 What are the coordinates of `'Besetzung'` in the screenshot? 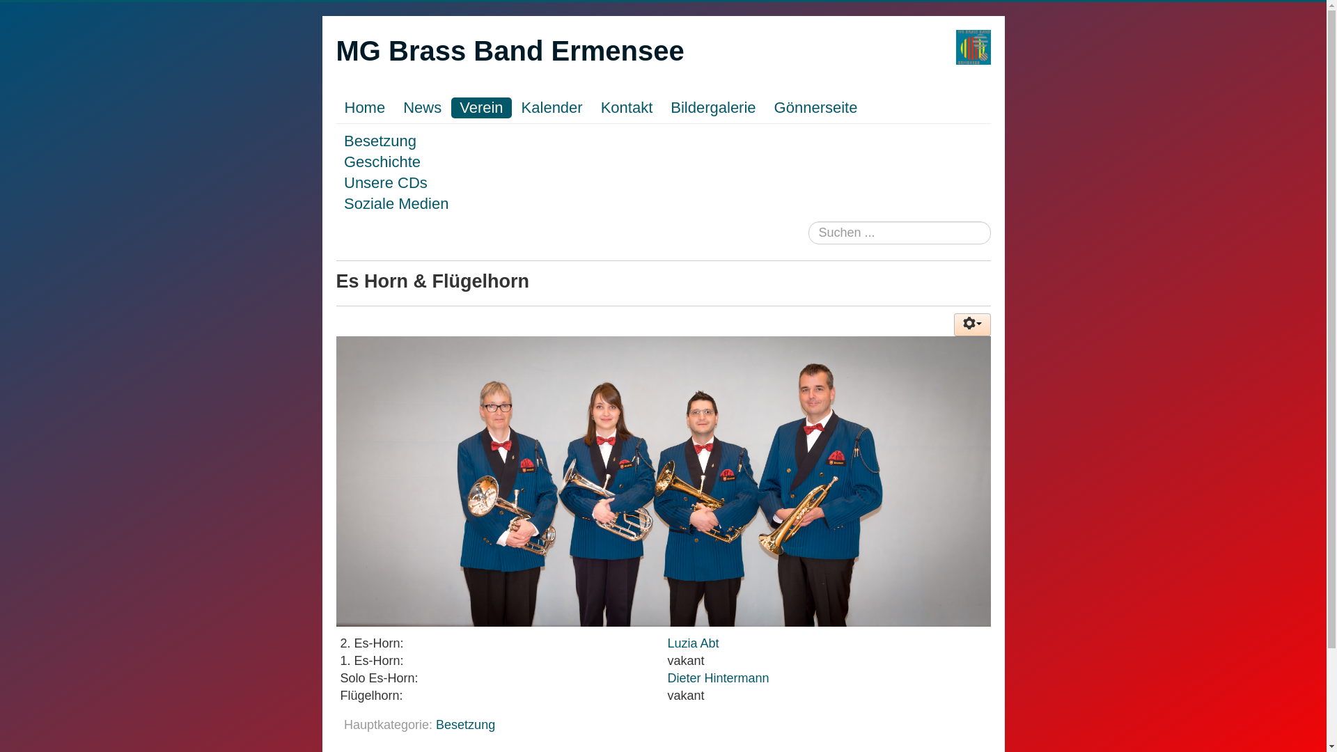 It's located at (465, 724).